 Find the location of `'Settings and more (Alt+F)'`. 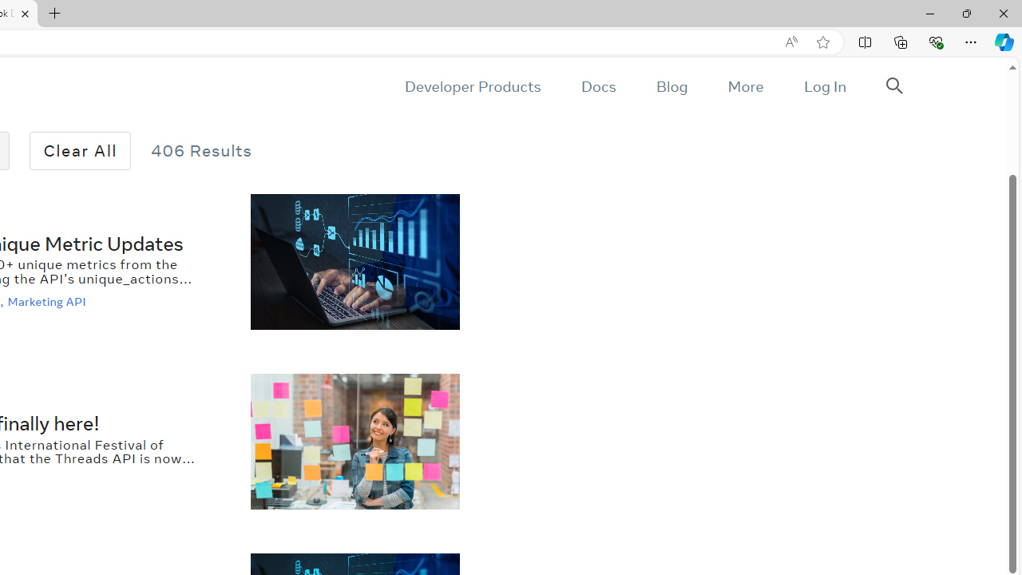

'Settings and more (Alt+F)' is located at coordinates (970, 41).